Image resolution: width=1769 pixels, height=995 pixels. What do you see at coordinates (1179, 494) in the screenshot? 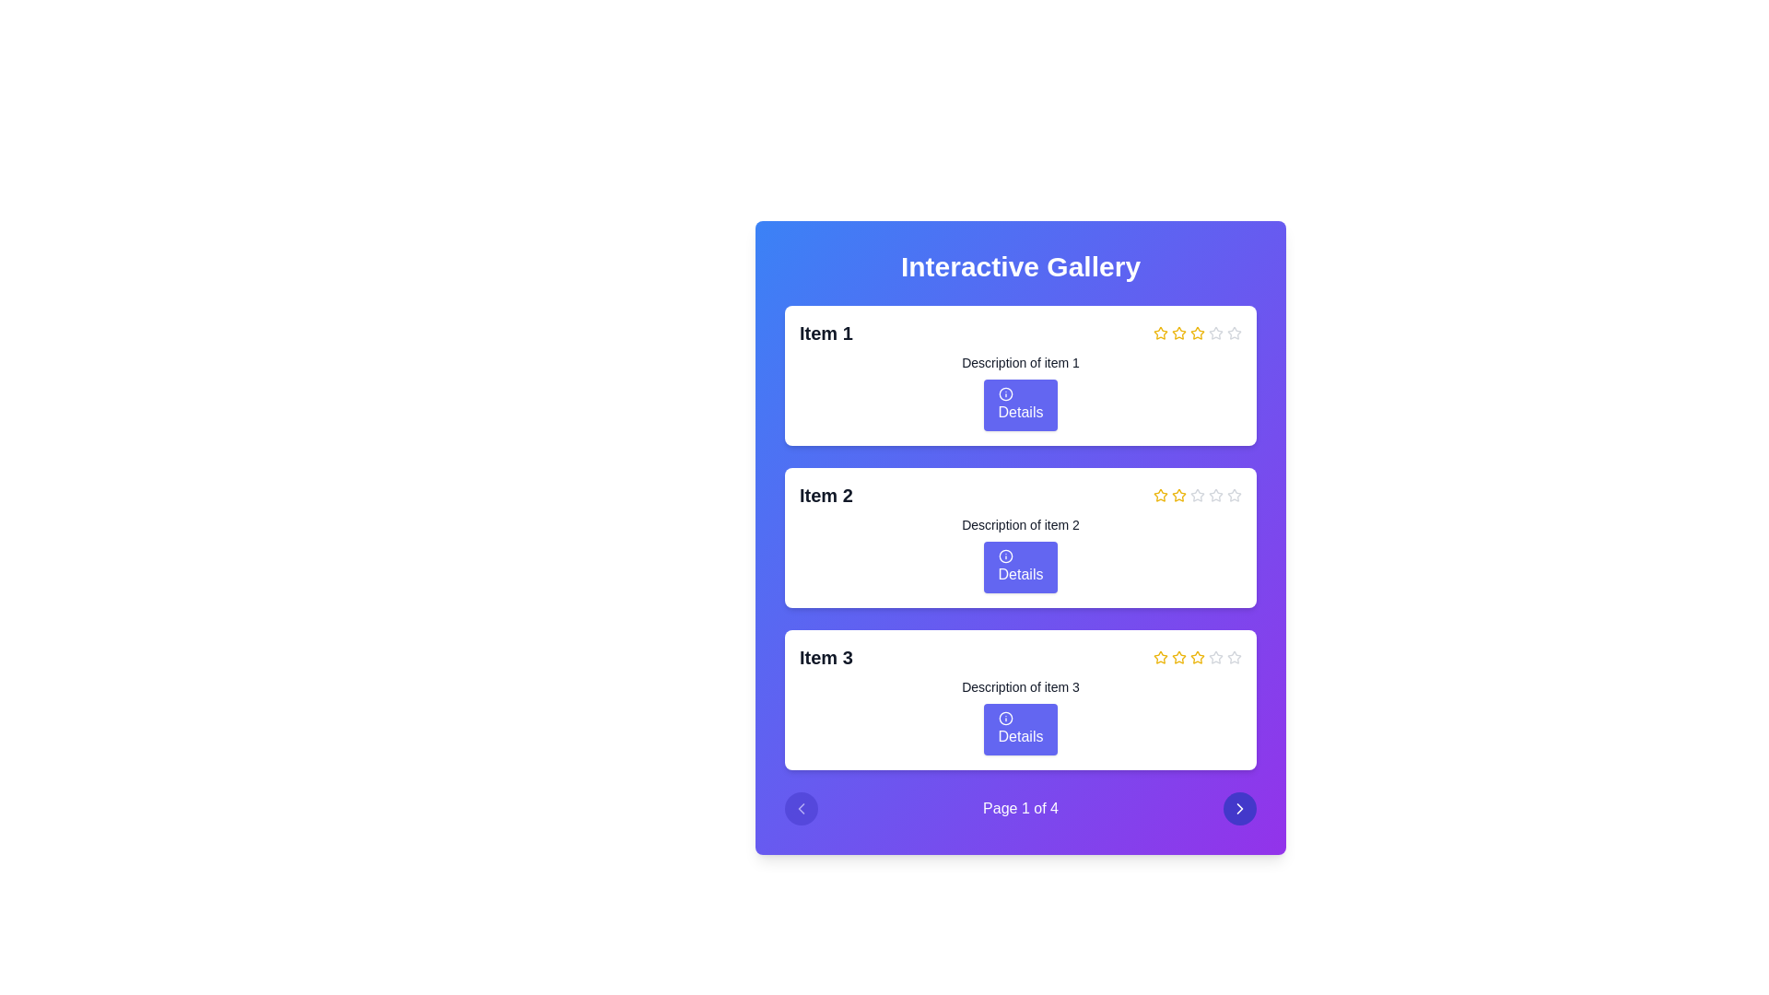
I see `the third star icon representing the third rating option for the second item in the rating section` at bounding box center [1179, 494].